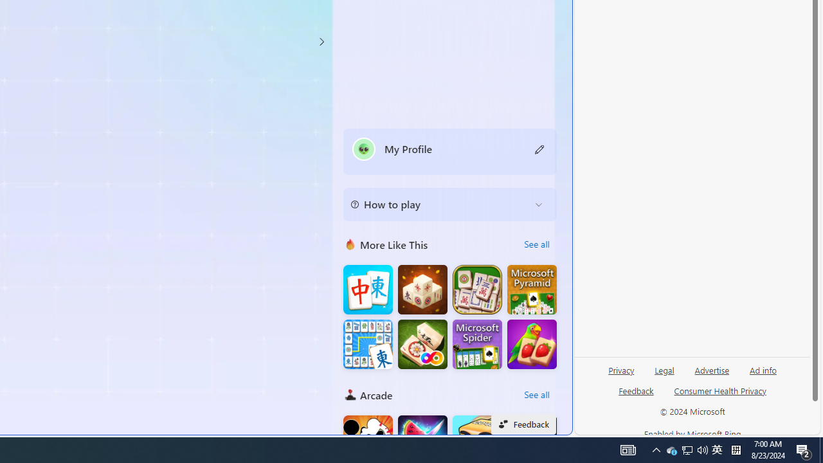  Describe the element at coordinates (422, 289) in the screenshot. I see `'Mahjong 3D Connect'` at that location.